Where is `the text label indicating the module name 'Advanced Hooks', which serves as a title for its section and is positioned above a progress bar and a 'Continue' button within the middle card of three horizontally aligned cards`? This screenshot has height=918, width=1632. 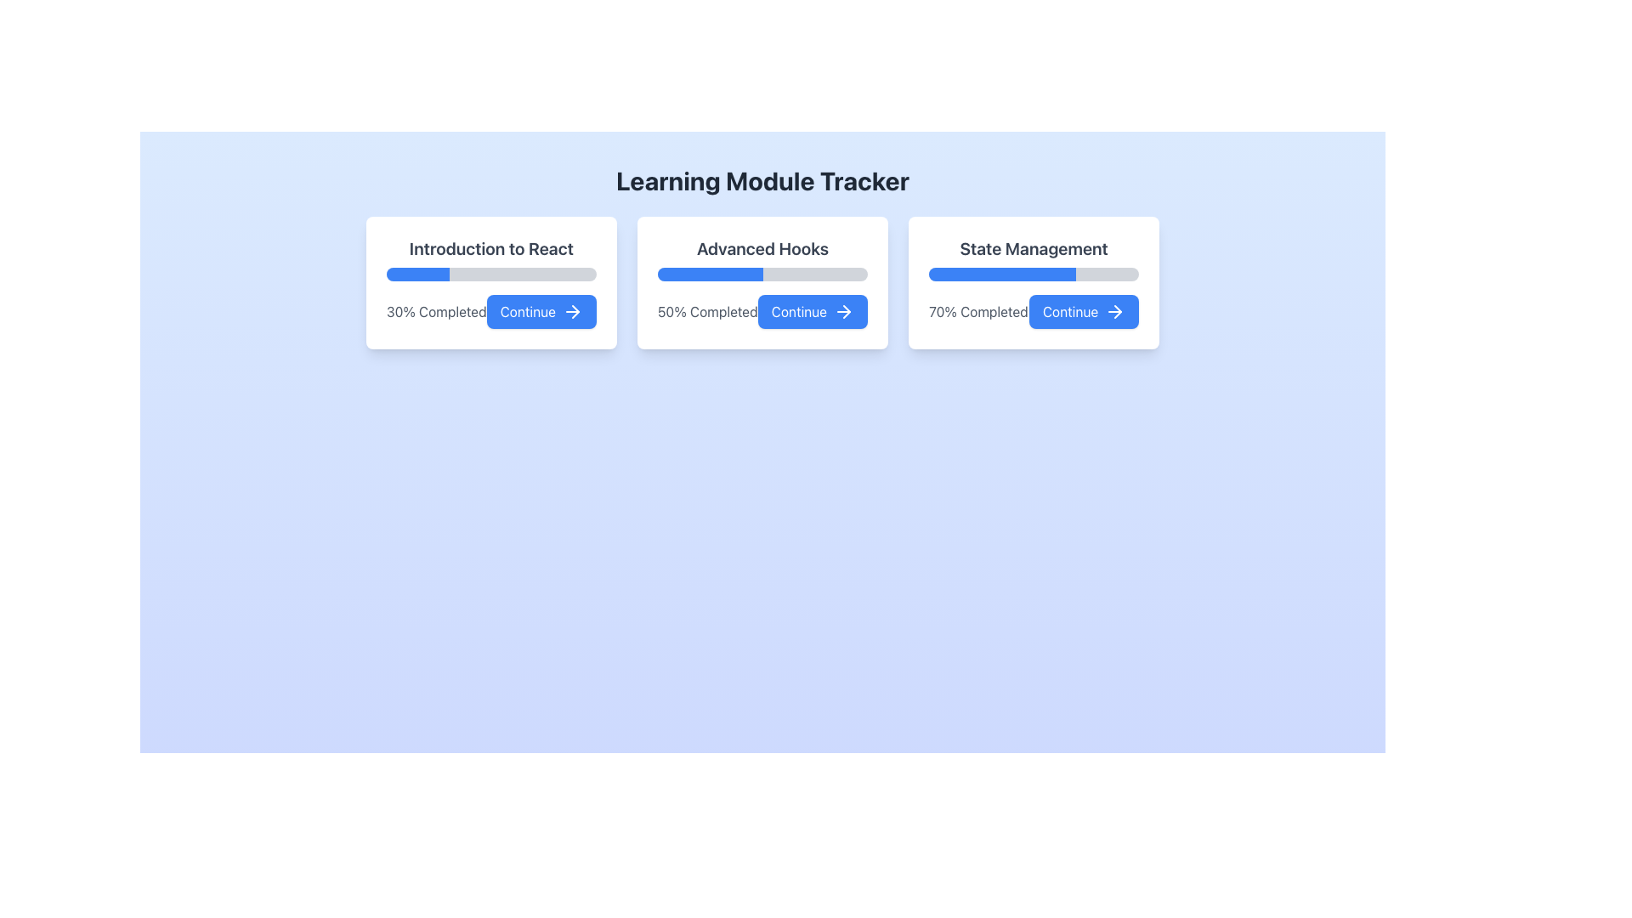 the text label indicating the module name 'Advanced Hooks', which serves as a title for its section and is positioned above a progress bar and a 'Continue' button within the middle card of three horizontally aligned cards is located at coordinates (762, 249).